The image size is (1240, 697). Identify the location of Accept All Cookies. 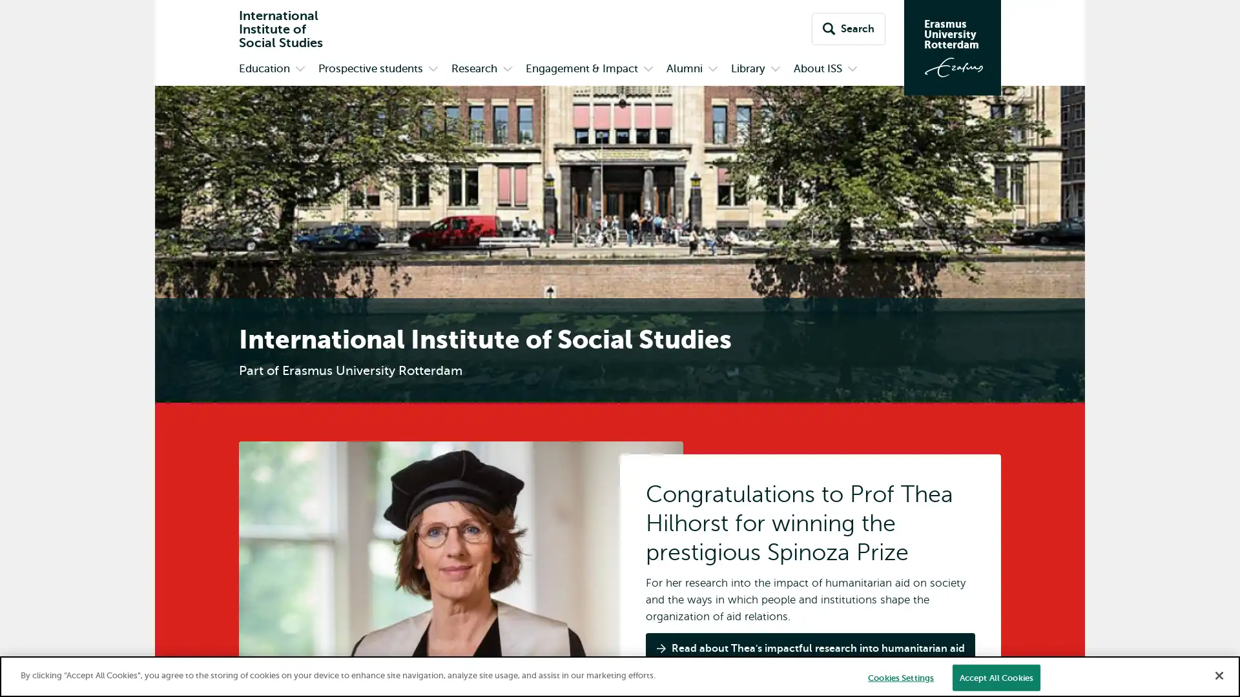
(995, 676).